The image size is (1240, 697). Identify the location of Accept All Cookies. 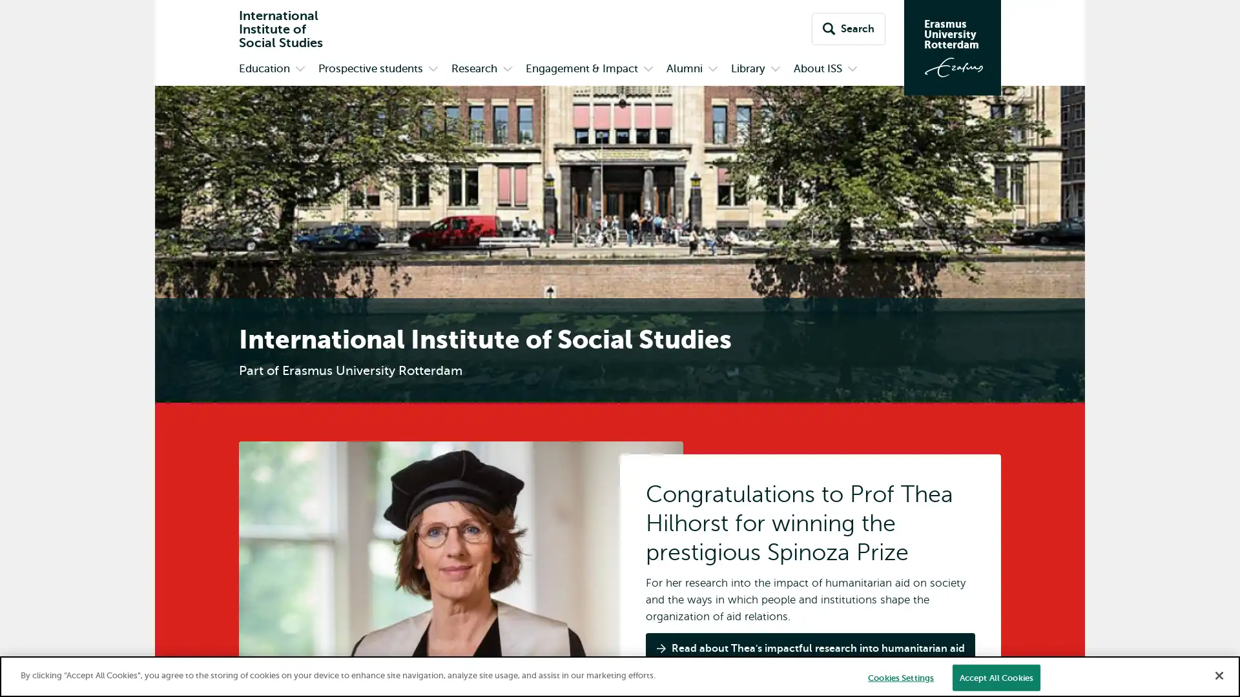
(995, 676).